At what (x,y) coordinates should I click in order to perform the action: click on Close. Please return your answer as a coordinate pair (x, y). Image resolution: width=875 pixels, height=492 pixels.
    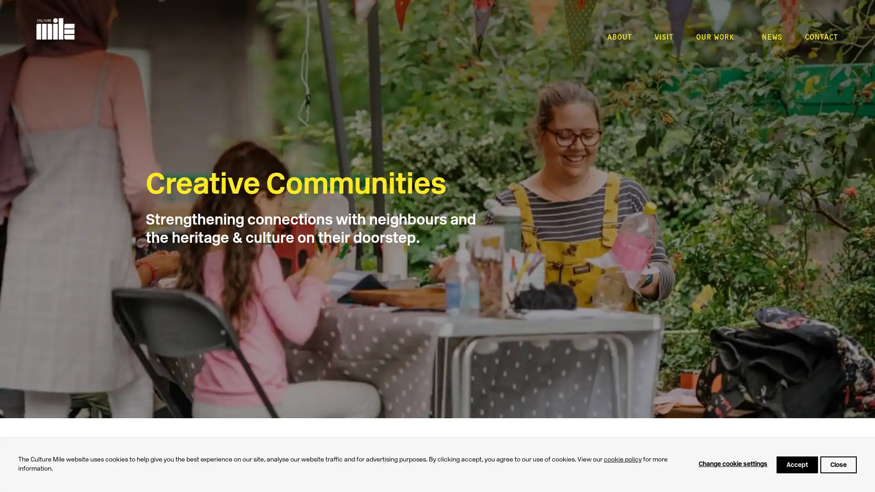
    Looking at the image, I should click on (838, 464).